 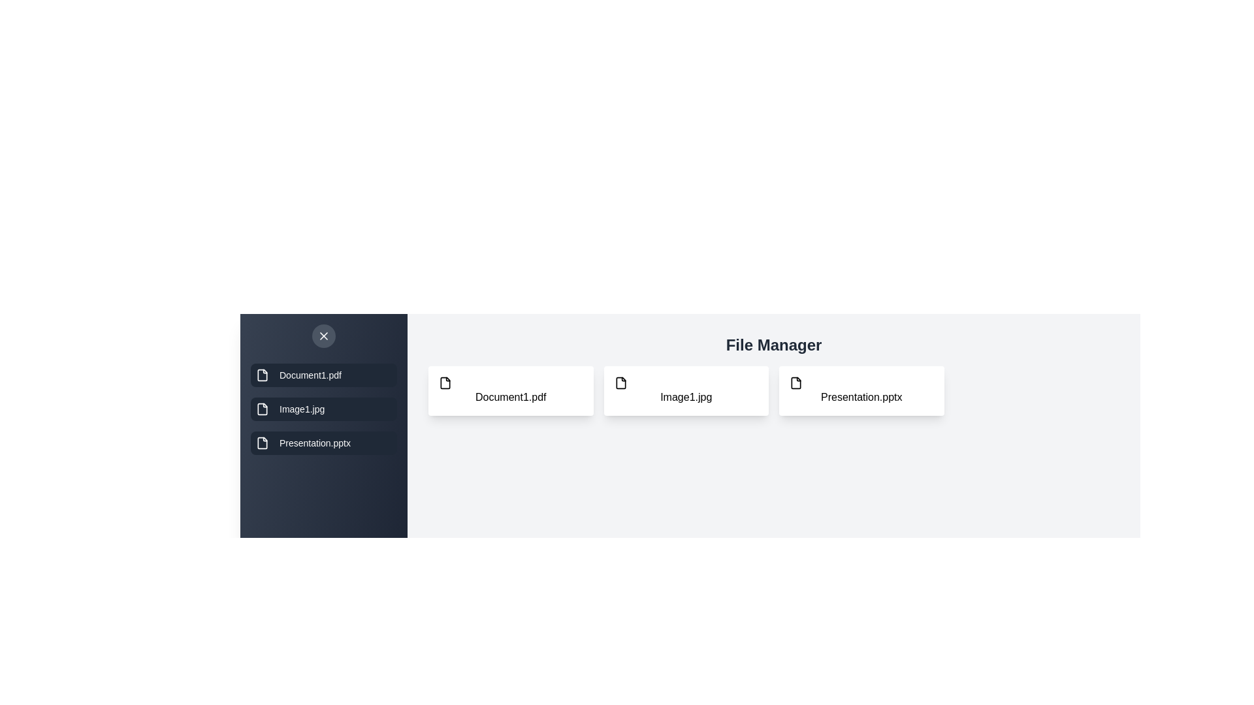 What do you see at coordinates (861, 390) in the screenshot?
I see `the file Presentation.pptx in the main grid` at bounding box center [861, 390].